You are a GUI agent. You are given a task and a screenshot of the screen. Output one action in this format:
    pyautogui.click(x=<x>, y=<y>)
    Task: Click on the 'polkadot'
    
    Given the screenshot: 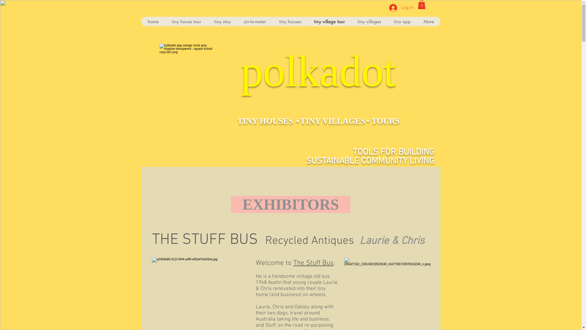 What is the action you would take?
    pyautogui.click(x=318, y=71)
    